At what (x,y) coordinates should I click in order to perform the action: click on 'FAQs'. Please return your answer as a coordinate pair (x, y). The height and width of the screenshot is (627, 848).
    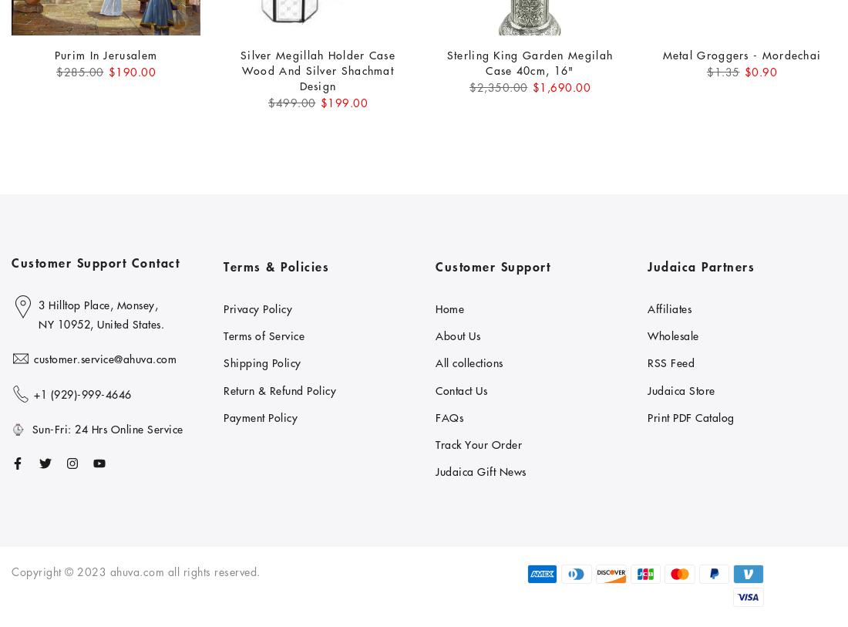
    Looking at the image, I should click on (449, 416).